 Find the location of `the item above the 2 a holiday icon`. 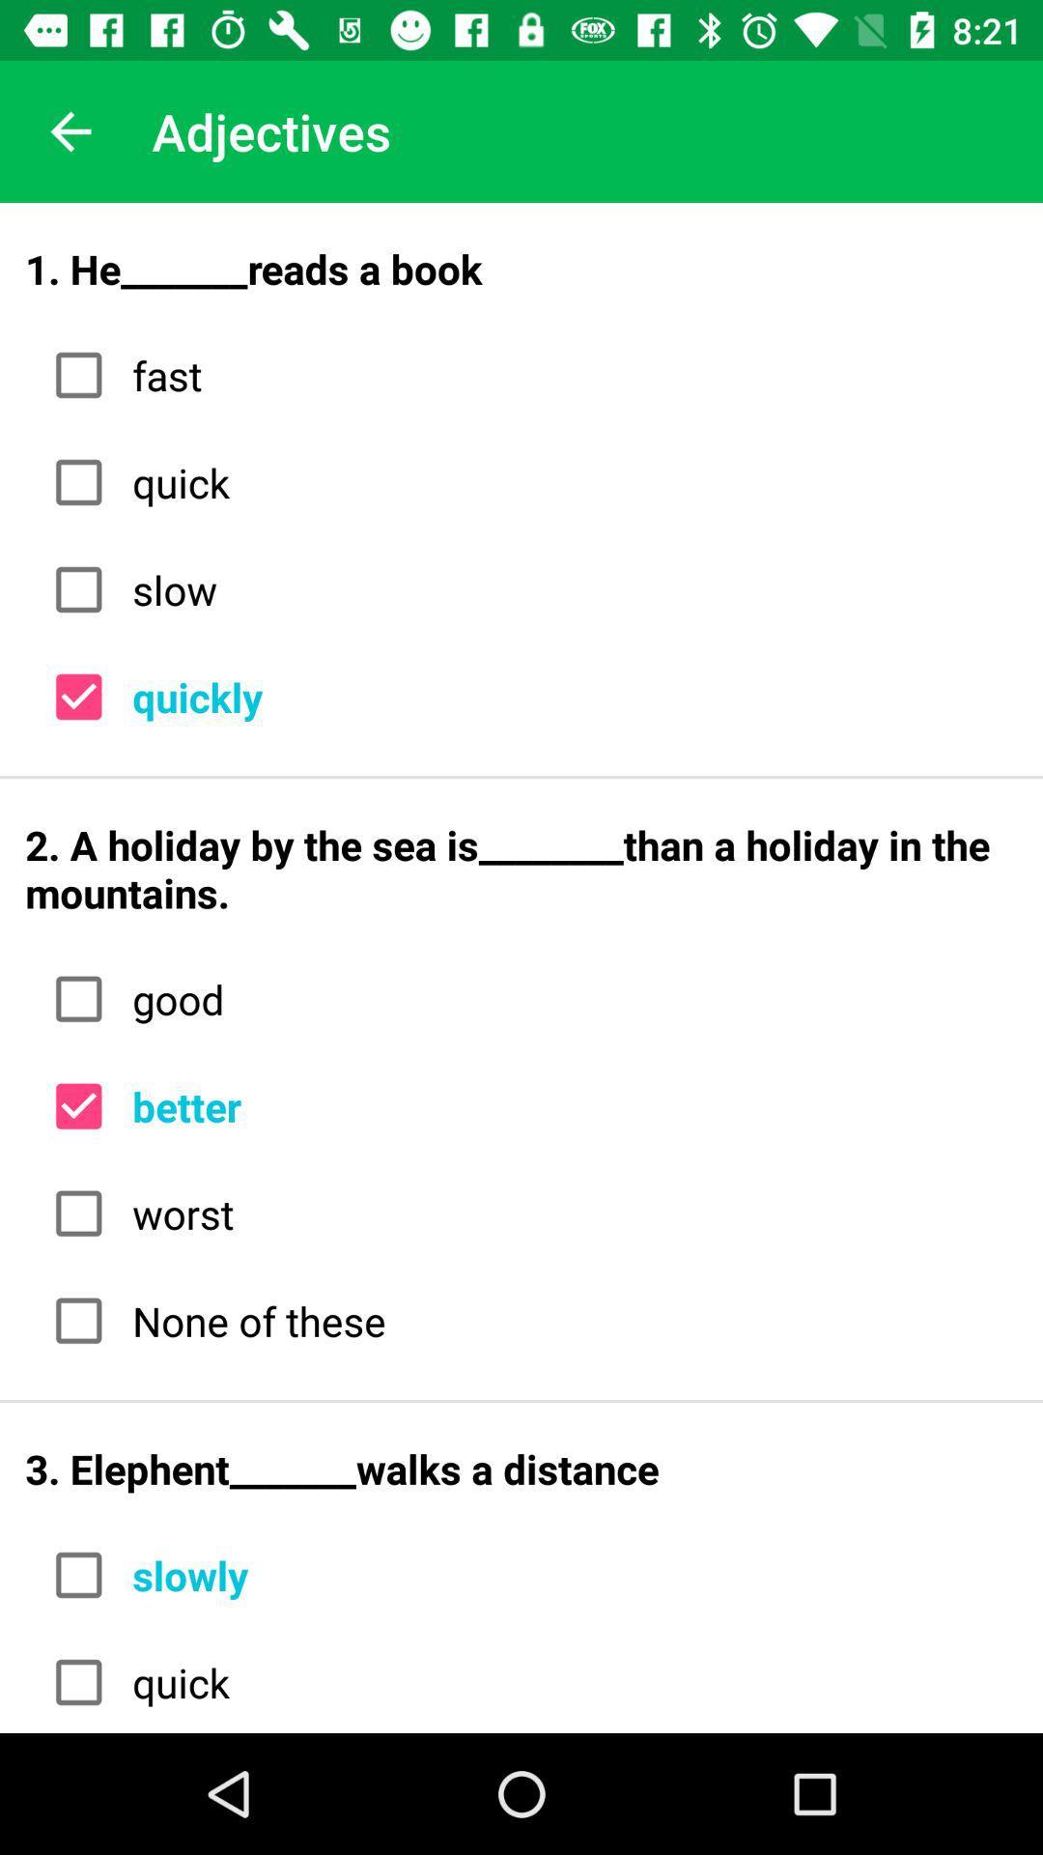

the item above the 2 a holiday icon is located at coordinates (567, 696).